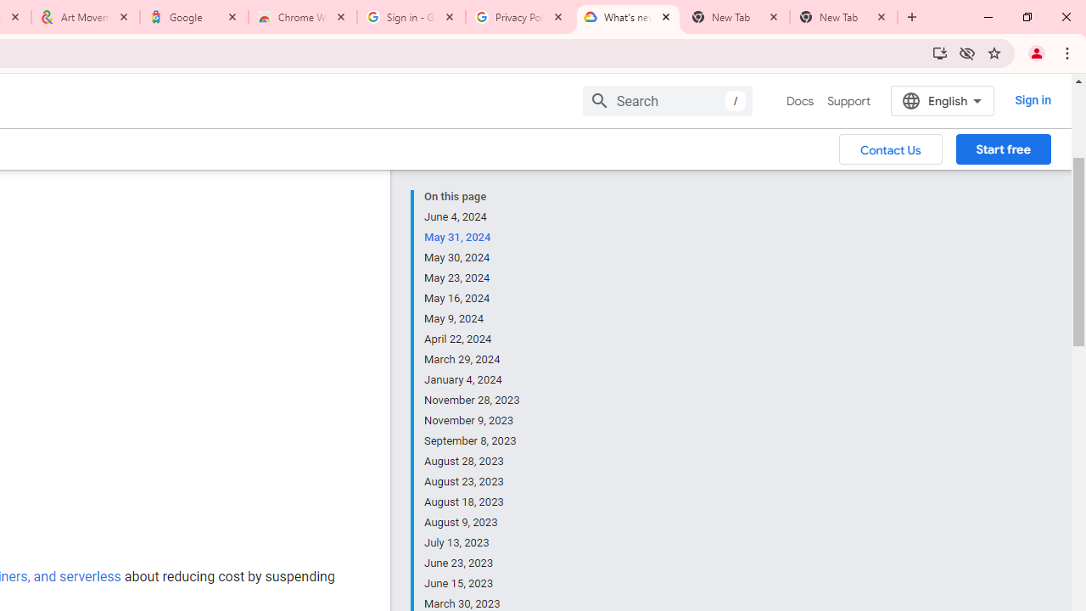 Image resolution: width=1086 pixels, height=611 pixels. I want to click on 'Contact Us', so click(890, 148).